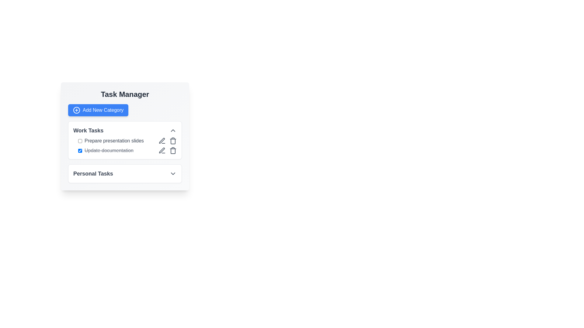 This screenshot has height=328, width=584. What do you see at coordinates (173, 130) in the screenshot?
I see `the Toggle control, which is a small triangle pointing upwards located at the right end of the 'Work Tasks' section in the 'Task Manager' interface` at bounding box center [173, 130].